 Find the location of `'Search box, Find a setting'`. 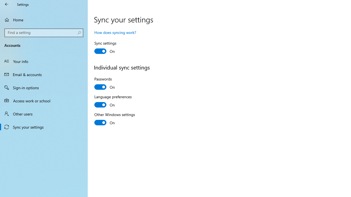

'Search box, Find a setting' is located at coordinates (44, 33).